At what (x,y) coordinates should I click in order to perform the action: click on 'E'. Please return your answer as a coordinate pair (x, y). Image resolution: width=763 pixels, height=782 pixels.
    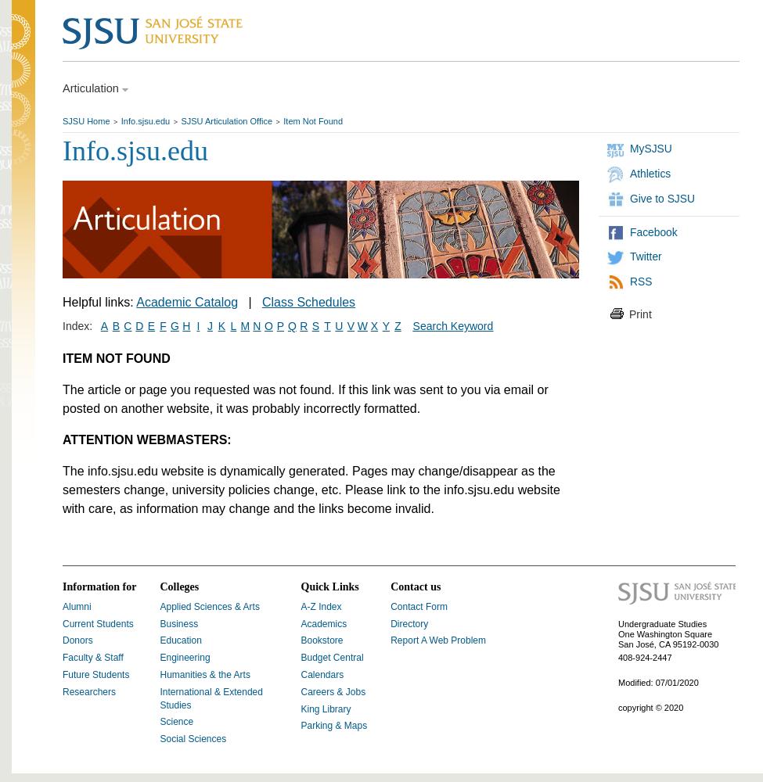
    Looking at the image, I should click on (149, 326).